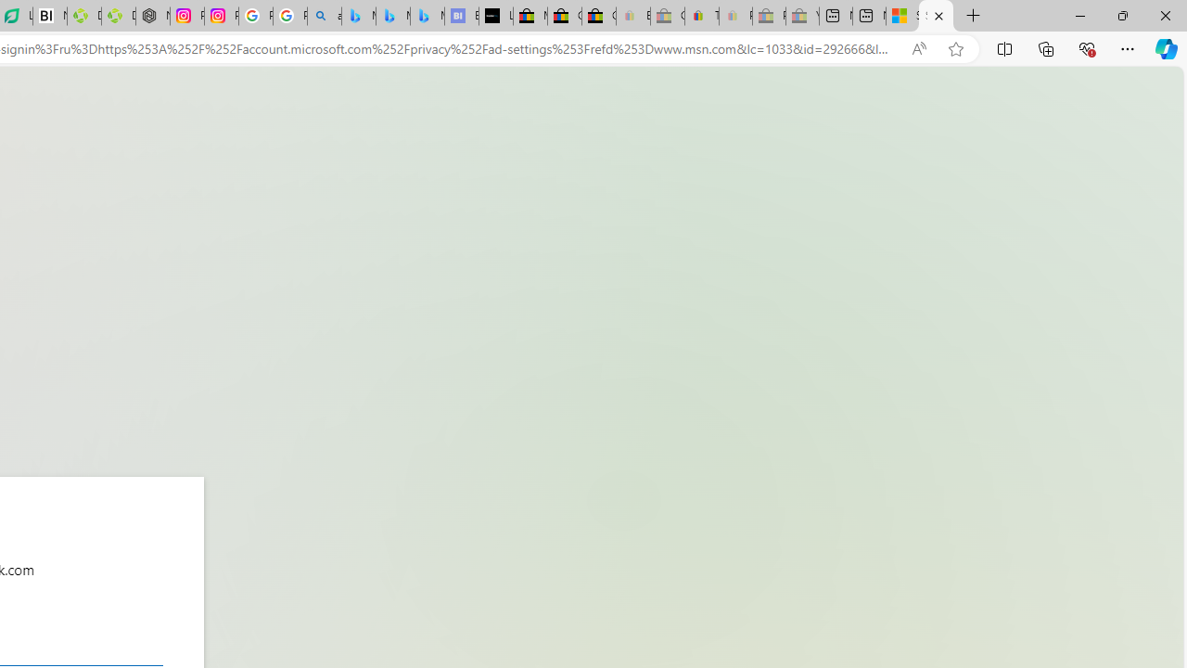  Describe the element at coordinates (426, 16) in the screenshot. I see `'Microsoft Bing Travel - Shangri-La Hotel Bangkok'` at that location.